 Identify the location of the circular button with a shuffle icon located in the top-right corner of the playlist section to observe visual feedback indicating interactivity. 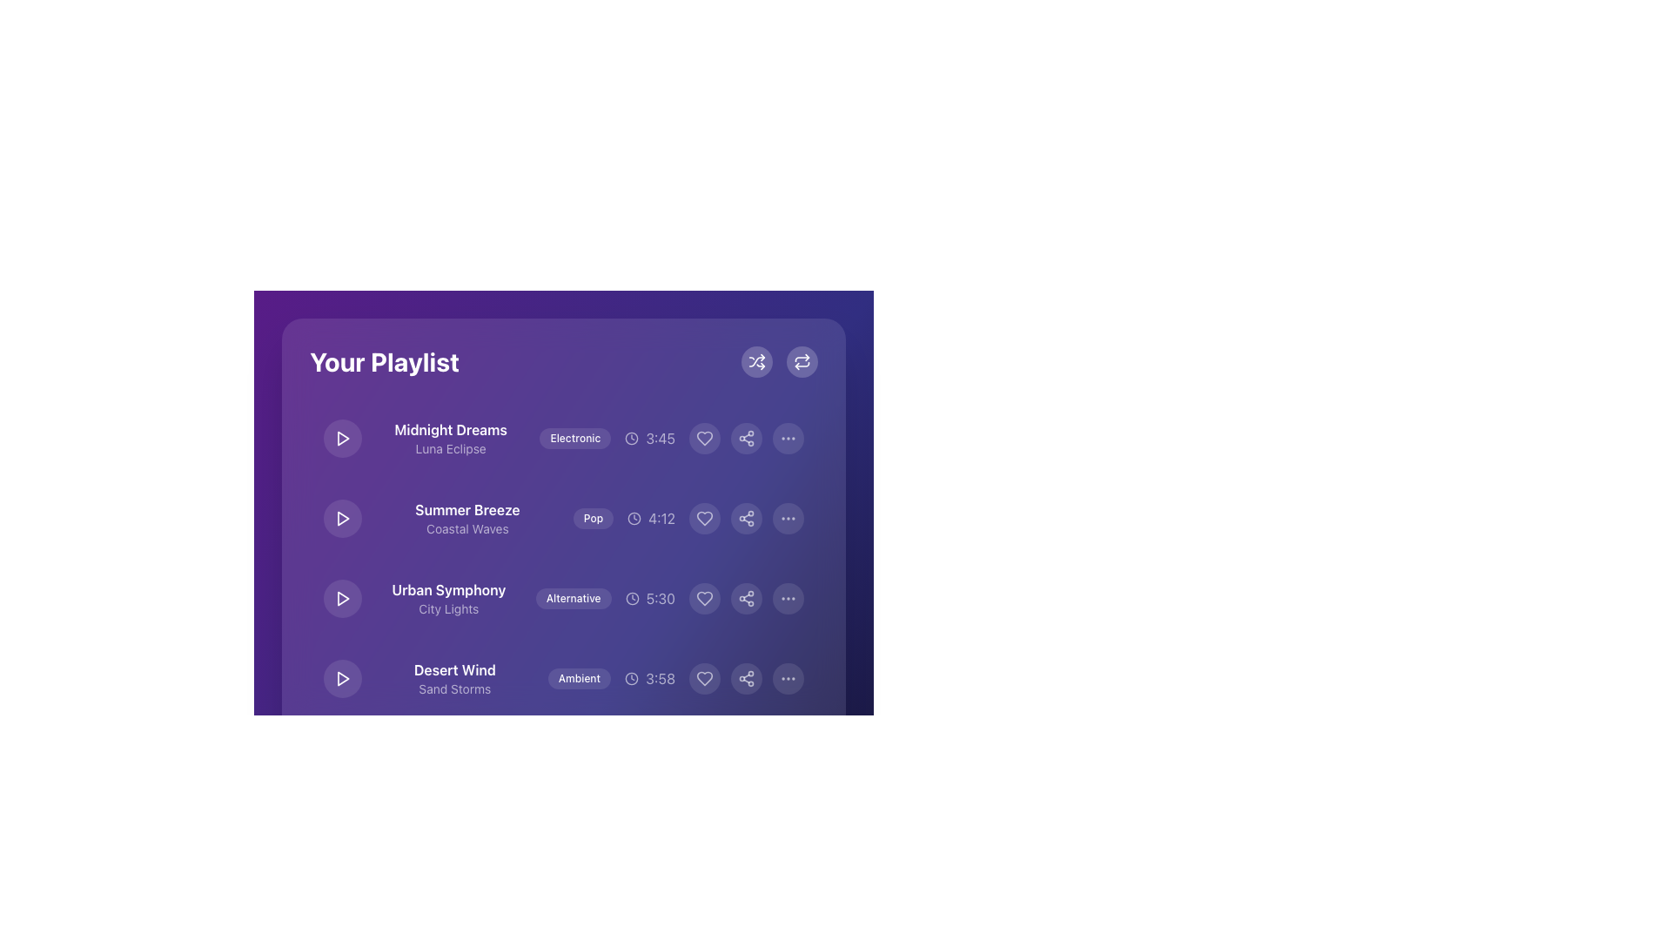
(756, 361).